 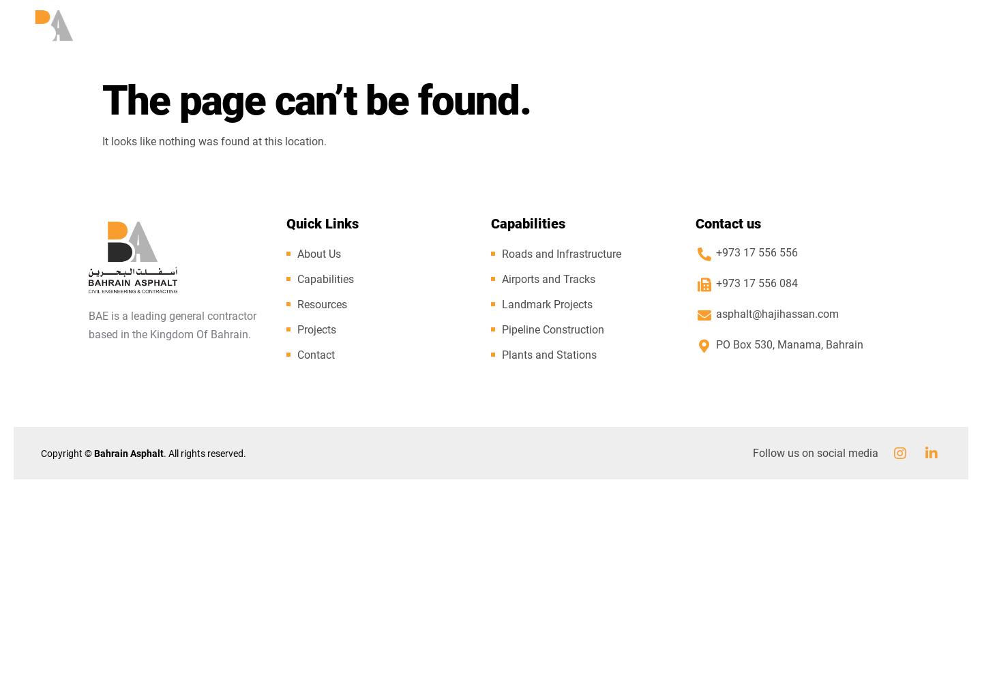 What do you see at coordinates (172, 325) in the screenshot?
I see `'BAE is a leading general contractor based in the Kingdom Of Bahrain.'` at bounding box center [172, 325].